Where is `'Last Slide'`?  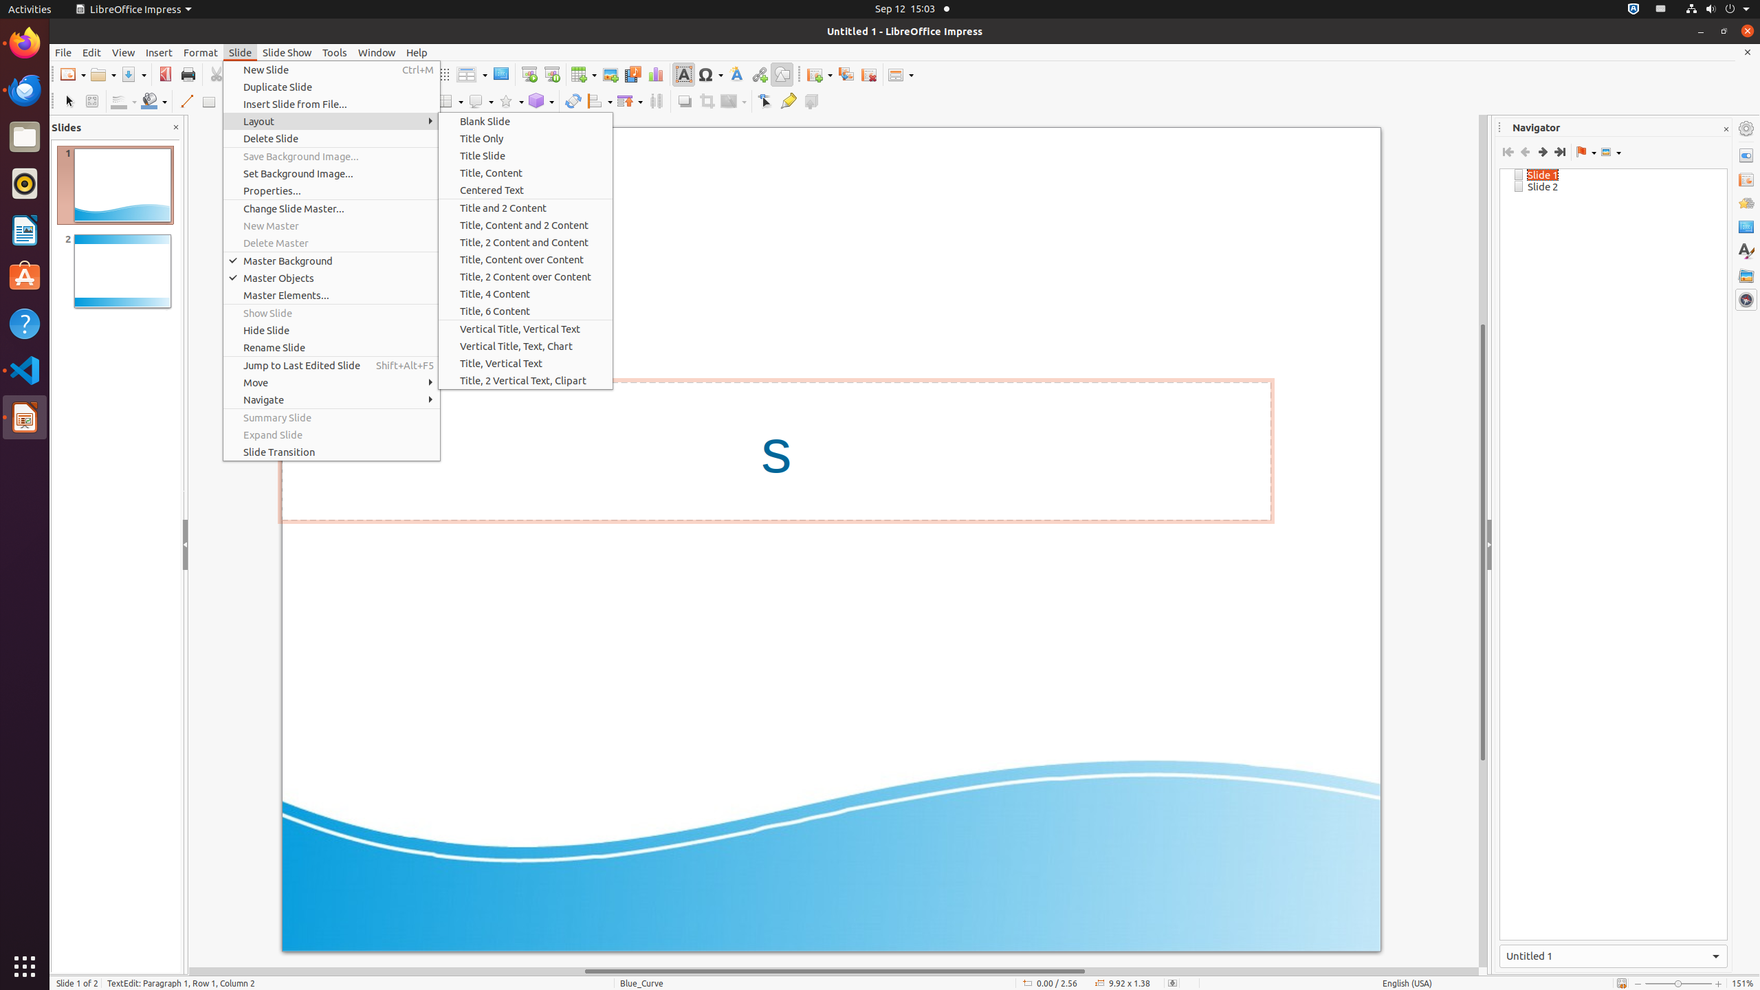
'Last Slide' is located at coordinates (1559, 152).